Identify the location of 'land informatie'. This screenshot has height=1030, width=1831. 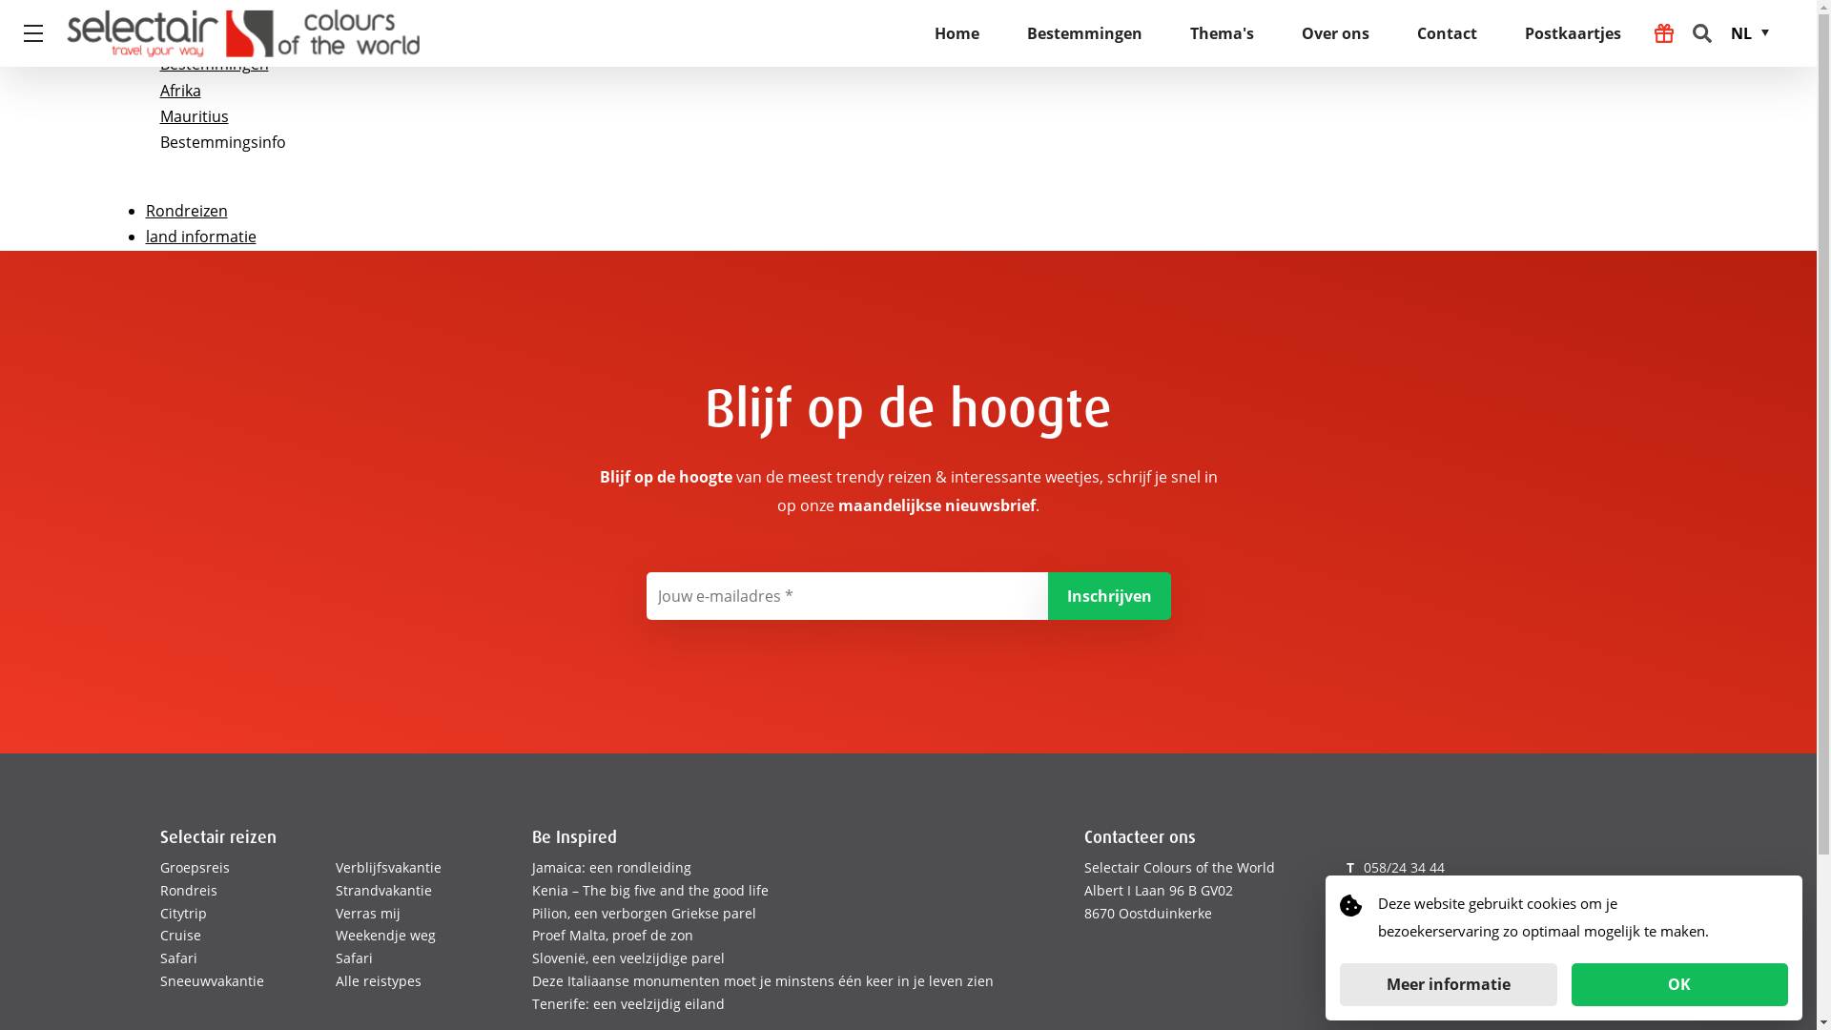
(144, 235).